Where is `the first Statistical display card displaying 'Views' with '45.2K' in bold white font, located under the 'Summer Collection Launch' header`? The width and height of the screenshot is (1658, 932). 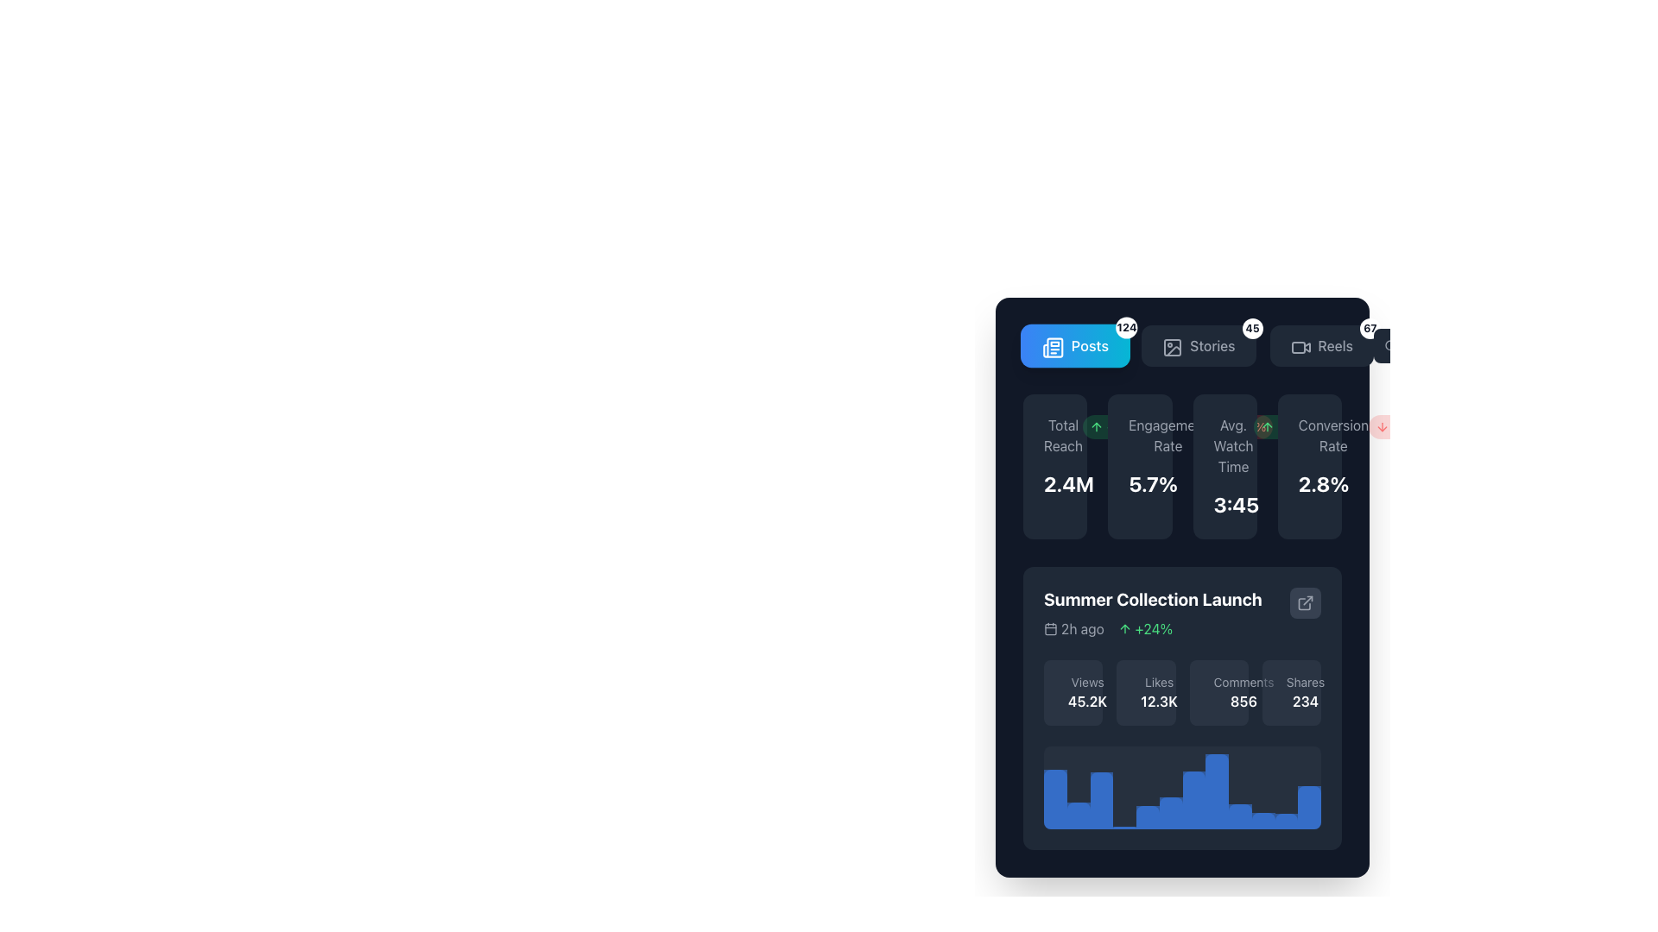
the first Statistical display card displaying 'Views' with '45.2K' in bold white font, located under the 'Summer Collection Launch' header is located at coordinates (1073, 691).